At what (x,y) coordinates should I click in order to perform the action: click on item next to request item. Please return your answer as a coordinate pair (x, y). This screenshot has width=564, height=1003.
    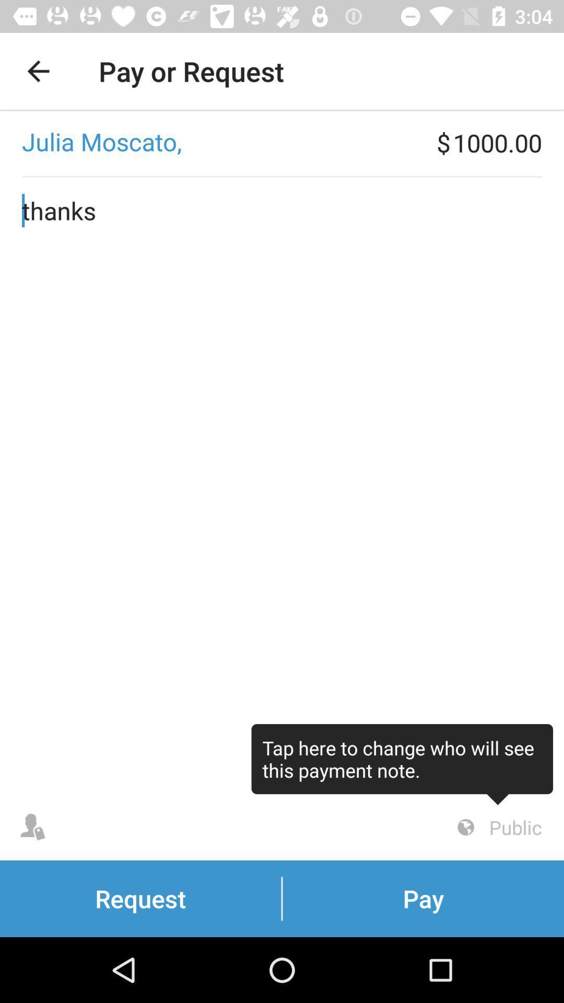
    Looking at the image, I should click on (497, 827).